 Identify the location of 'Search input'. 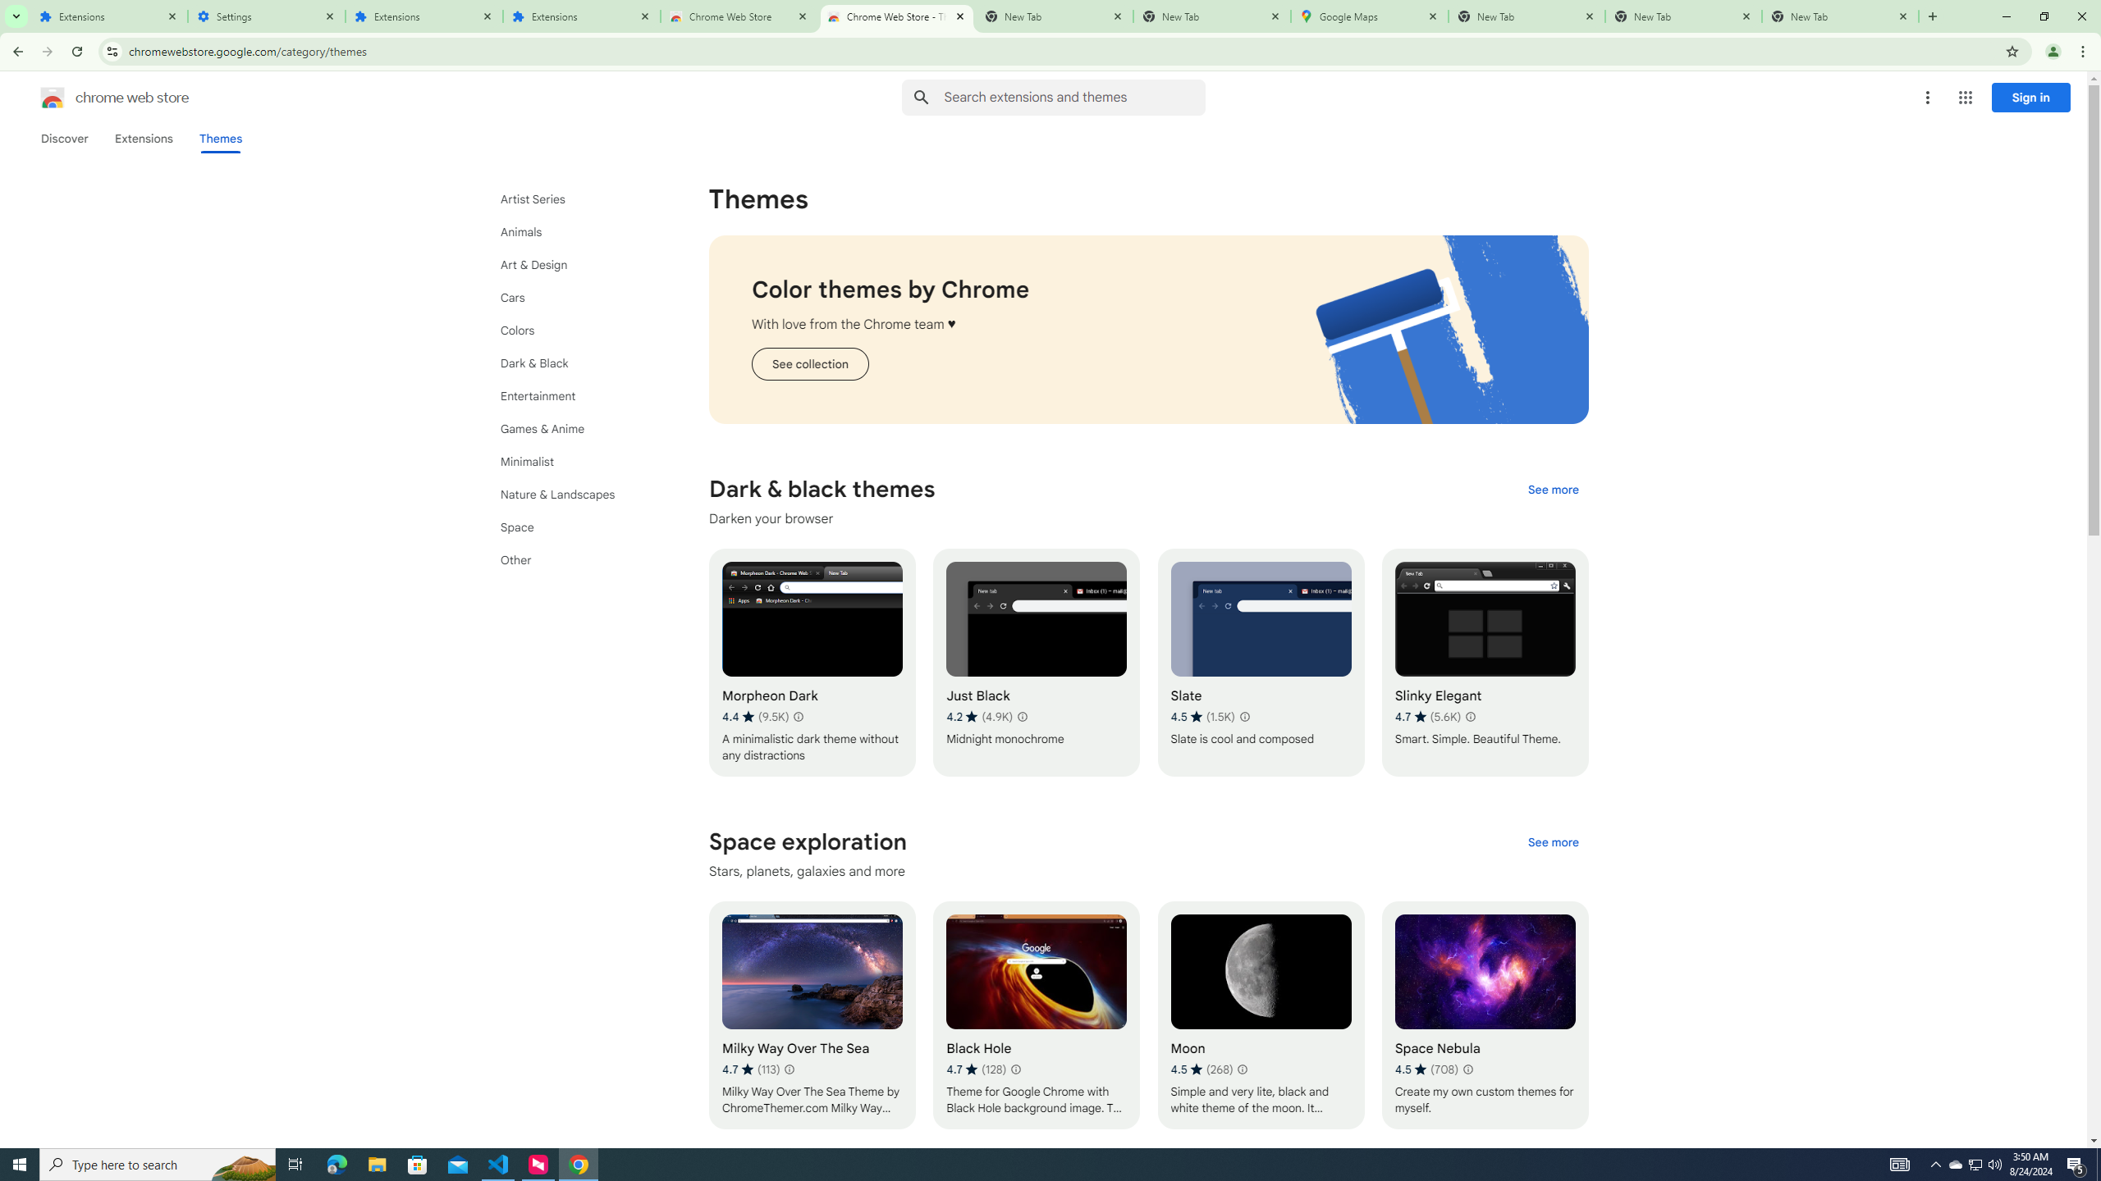
(1073, 97).